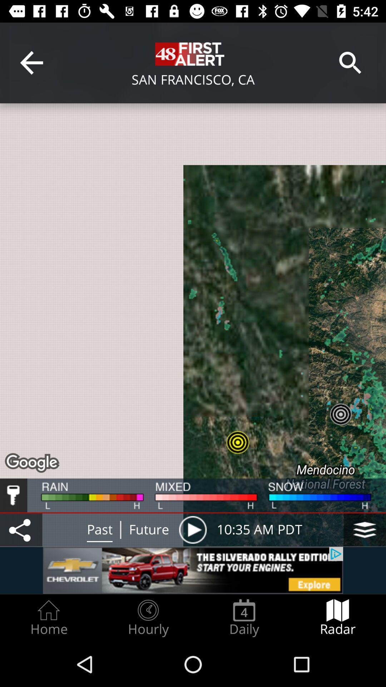  Describe the element at coordinates (192, 530) in the screenshot. I see `play` at that location.